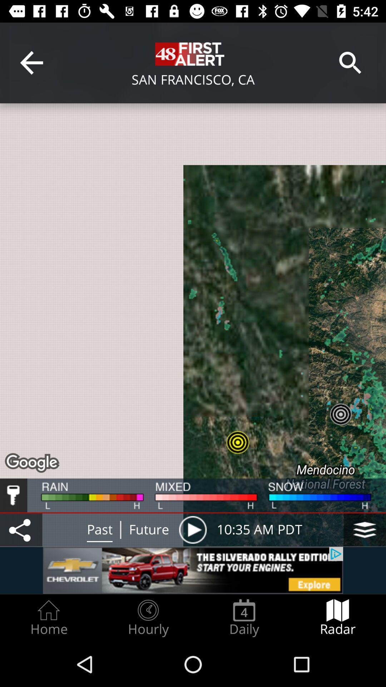  Describe the element at coordinates (192, 530) in the screenshot. I see `play` at that location.